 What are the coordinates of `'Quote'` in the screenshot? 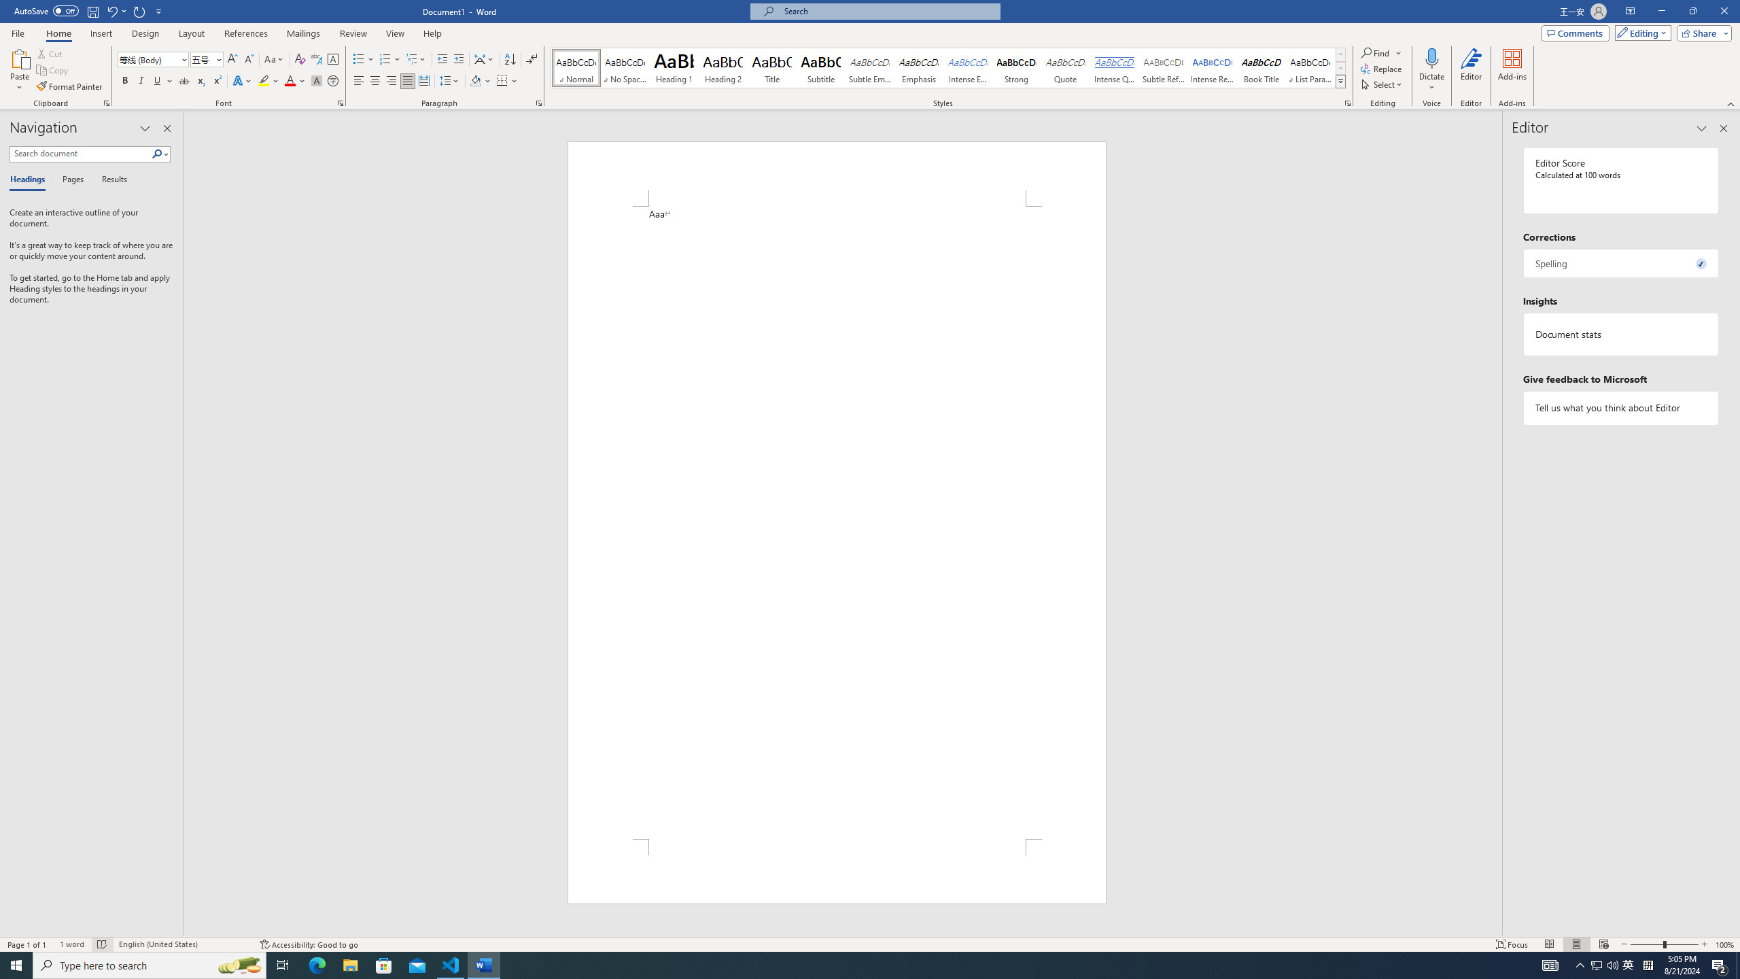 It's located at (1066, 67).